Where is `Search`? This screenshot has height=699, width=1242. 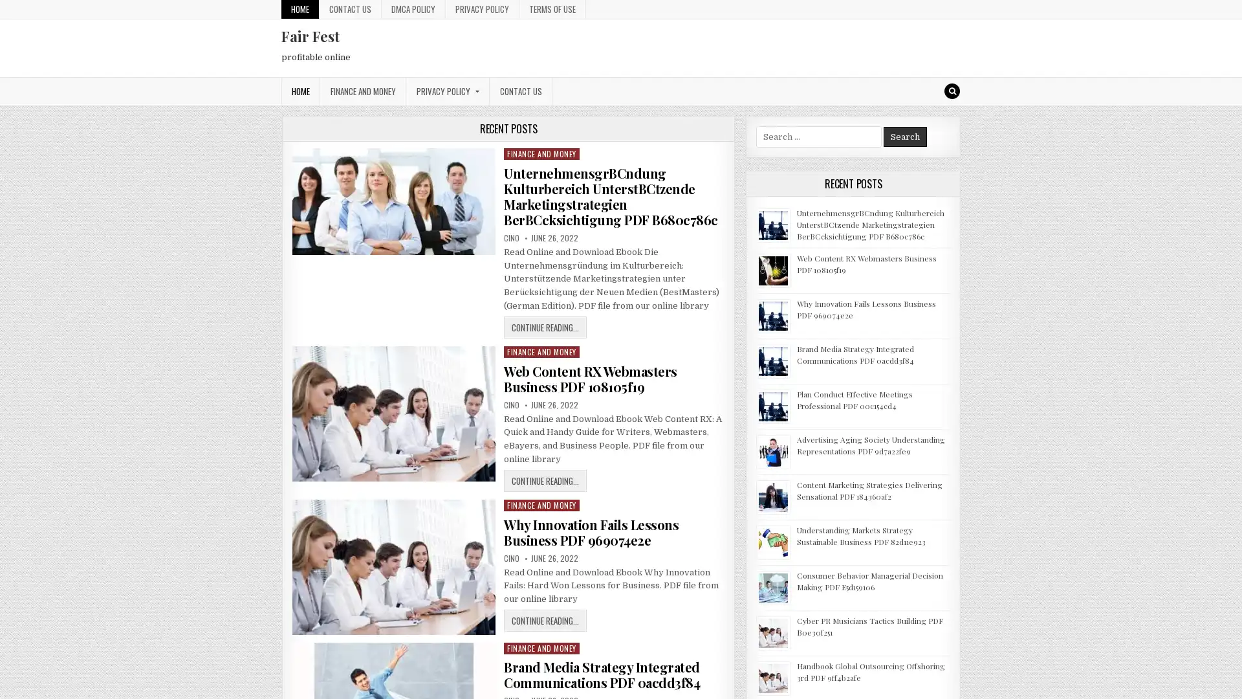 Search is located at coordinates (904, 137).